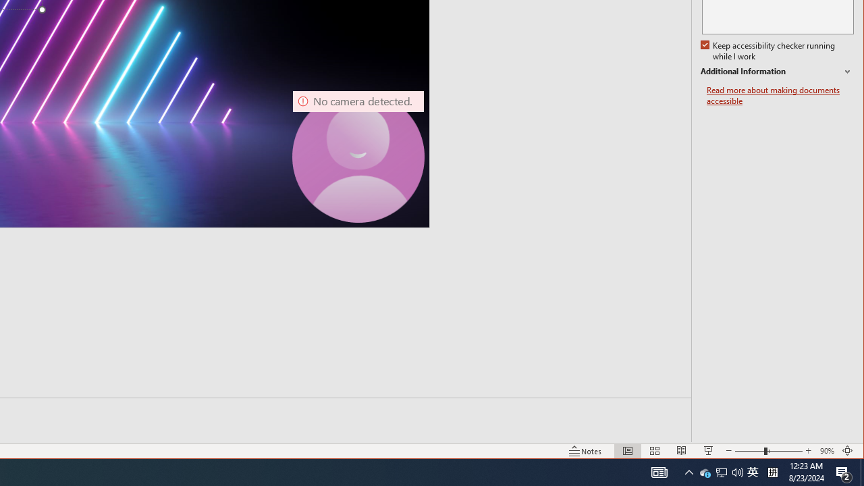 The image size is (864, 486). I want to click on 'User Promoted Notification Area', so click(720, 471).